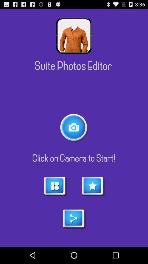  What do you see at coordinates (74, 128) in the screenshot?
I see `take a picture` at bounding box center [74, 128].